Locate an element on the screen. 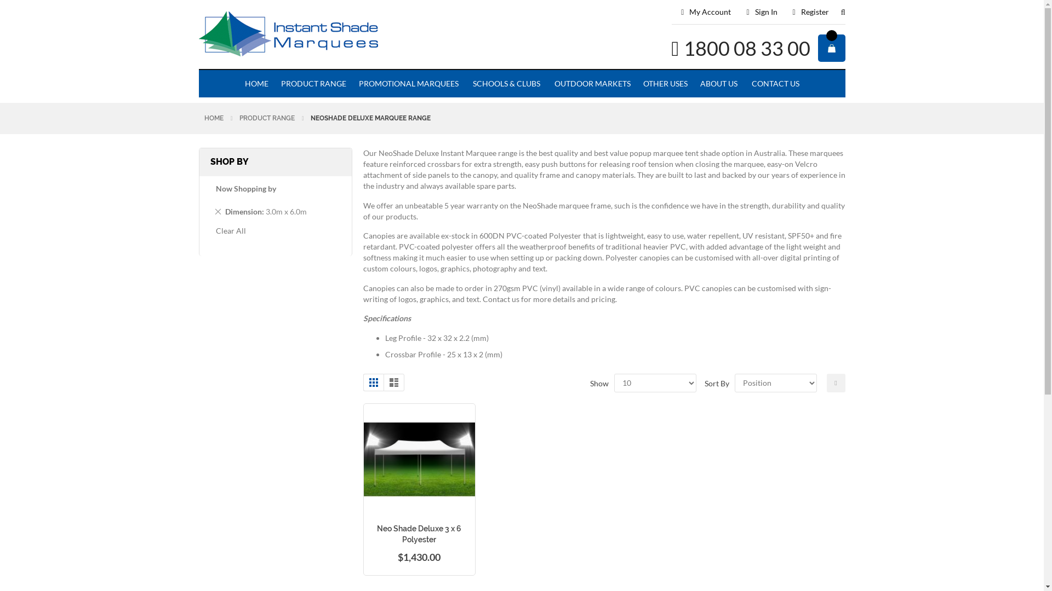 The height and width of the screenshot is (591, 1052). 'HOME' is located at coordinates (238, 83).